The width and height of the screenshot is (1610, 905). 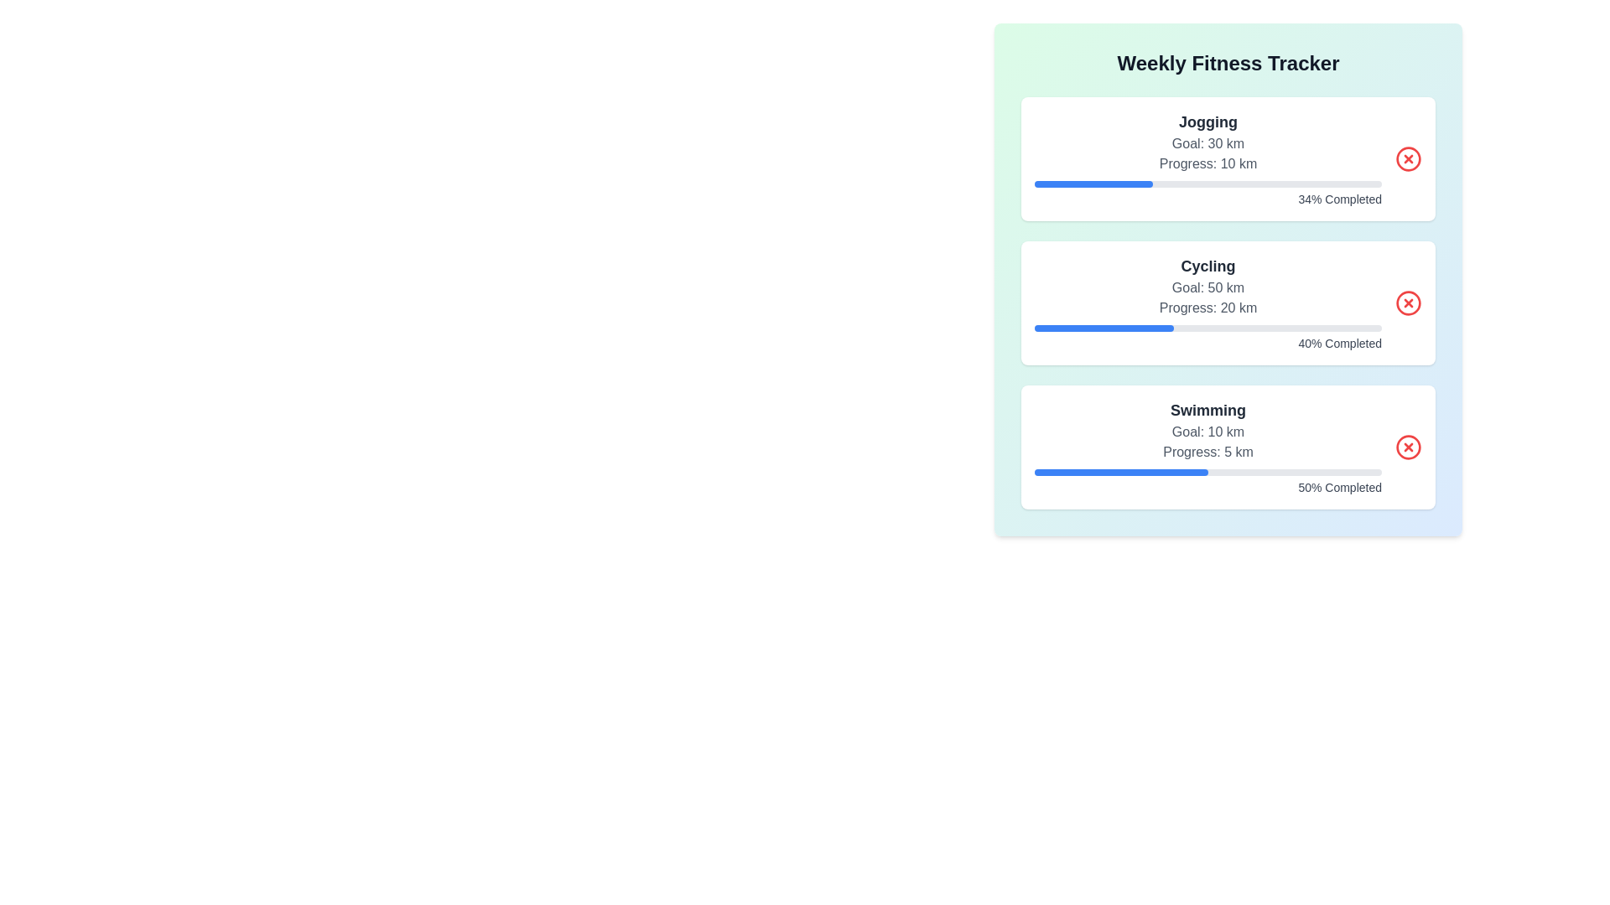 I want to click on the circular red 'X' button located on the right-hand side of the 'Jogging' card in the 'Weekly Fitness Tracker' section, so click(x=1409, y=158).